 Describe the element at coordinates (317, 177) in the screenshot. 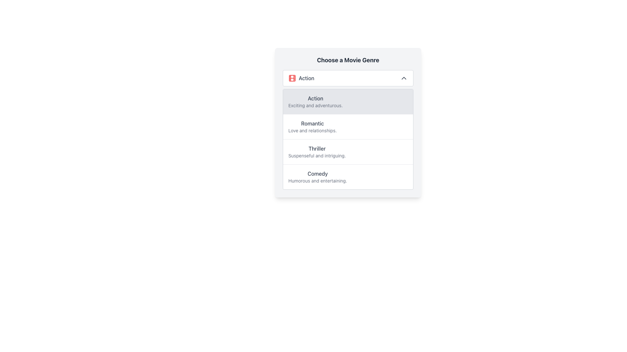

I see `to select the 'Comedy' genre option in the dropdown list titled 'Choose a Movie Genre', which is the fourth option and is styled with bold text and a description below it` at that location.